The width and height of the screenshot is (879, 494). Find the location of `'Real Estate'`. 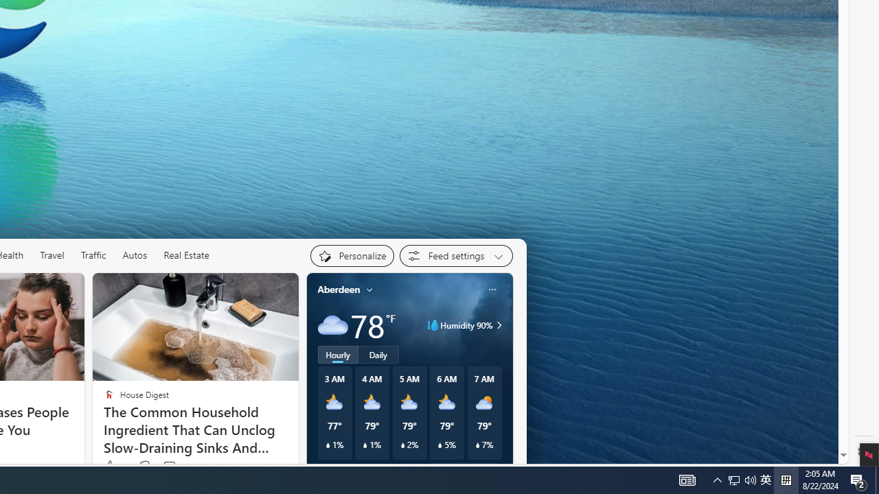

'Real Estate' is located at coordinates (186, 255).